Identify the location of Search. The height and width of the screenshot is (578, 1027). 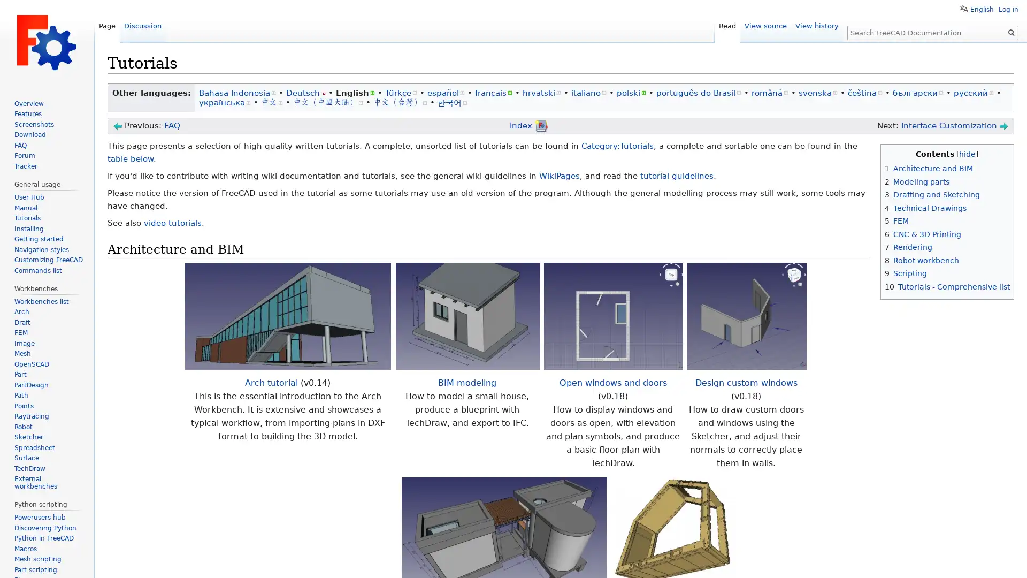
(1011, 32).